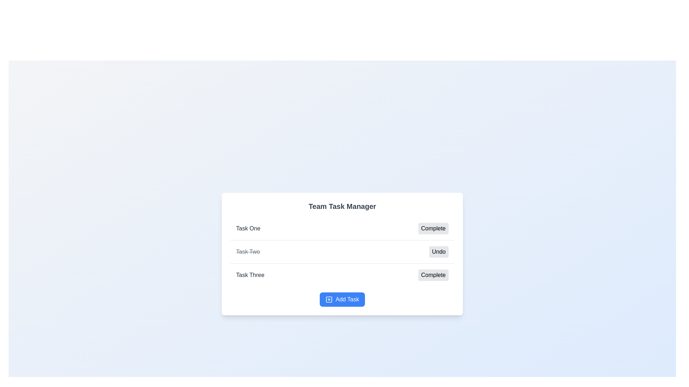 This screenshot has height=387, width=689. Describe the element at coordinates (248, 251) in the screenshot. I see `the task Task Two from the list` at that location.